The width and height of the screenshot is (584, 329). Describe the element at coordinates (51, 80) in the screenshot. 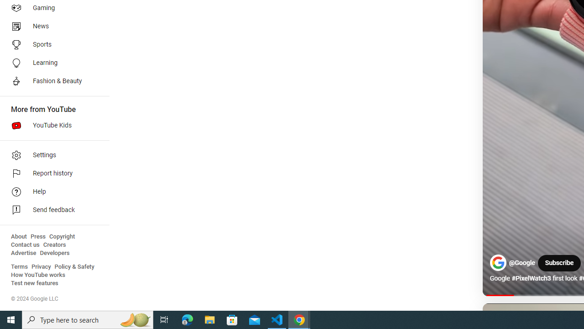

I see `'Fashion & Beauty'` at that location.